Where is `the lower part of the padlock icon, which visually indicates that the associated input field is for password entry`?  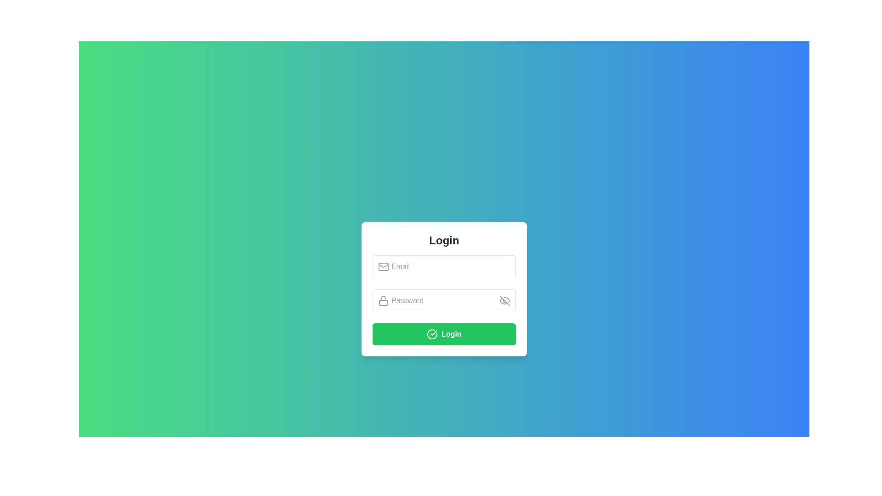
the lower part of the padlock icon, which visually indicates that the associated input field is for password entry is located at coordinates (384, 303).